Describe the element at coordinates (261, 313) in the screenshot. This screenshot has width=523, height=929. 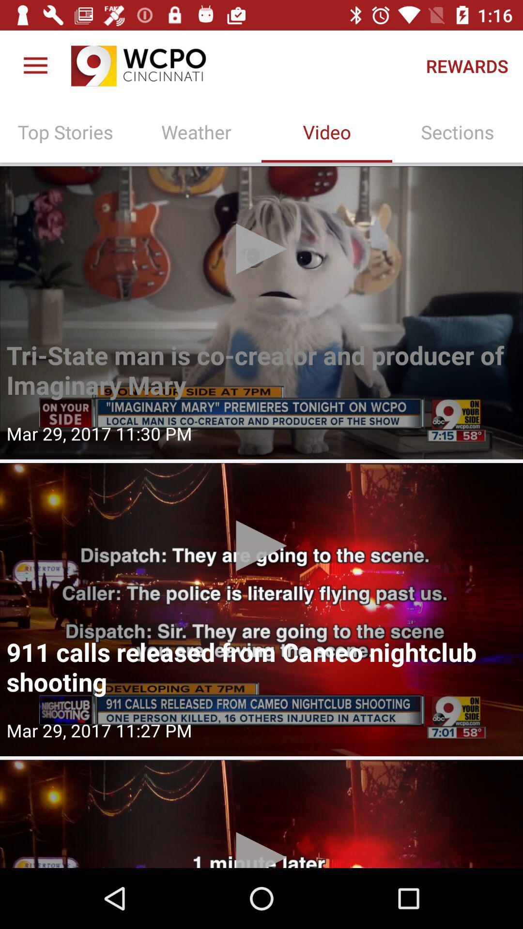
I see `watch a video` at that location.